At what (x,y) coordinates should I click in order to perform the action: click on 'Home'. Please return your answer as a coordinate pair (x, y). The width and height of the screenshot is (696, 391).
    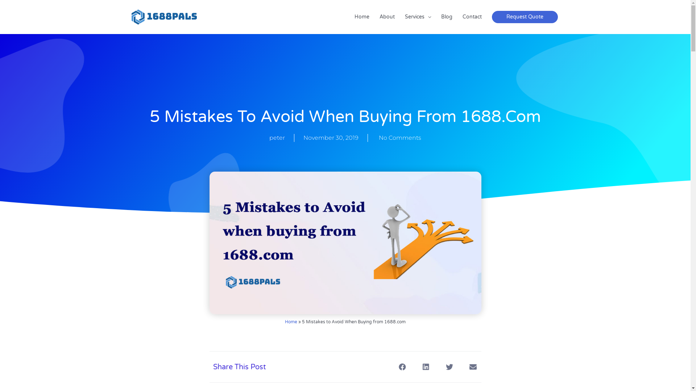
    Looking at the image, I should click on (291, 321).